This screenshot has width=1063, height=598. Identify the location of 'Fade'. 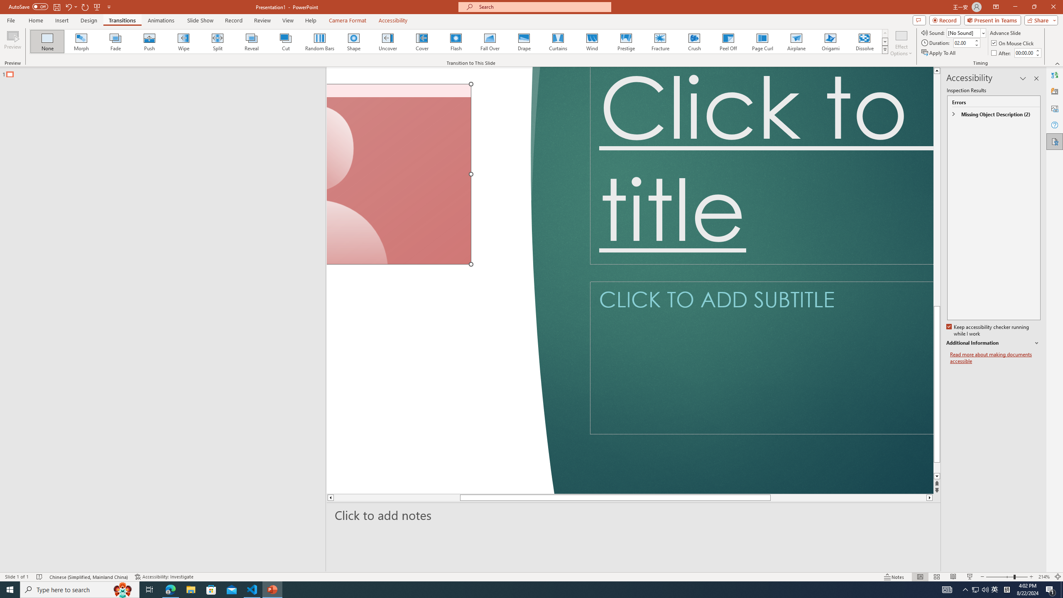
(115, 41).